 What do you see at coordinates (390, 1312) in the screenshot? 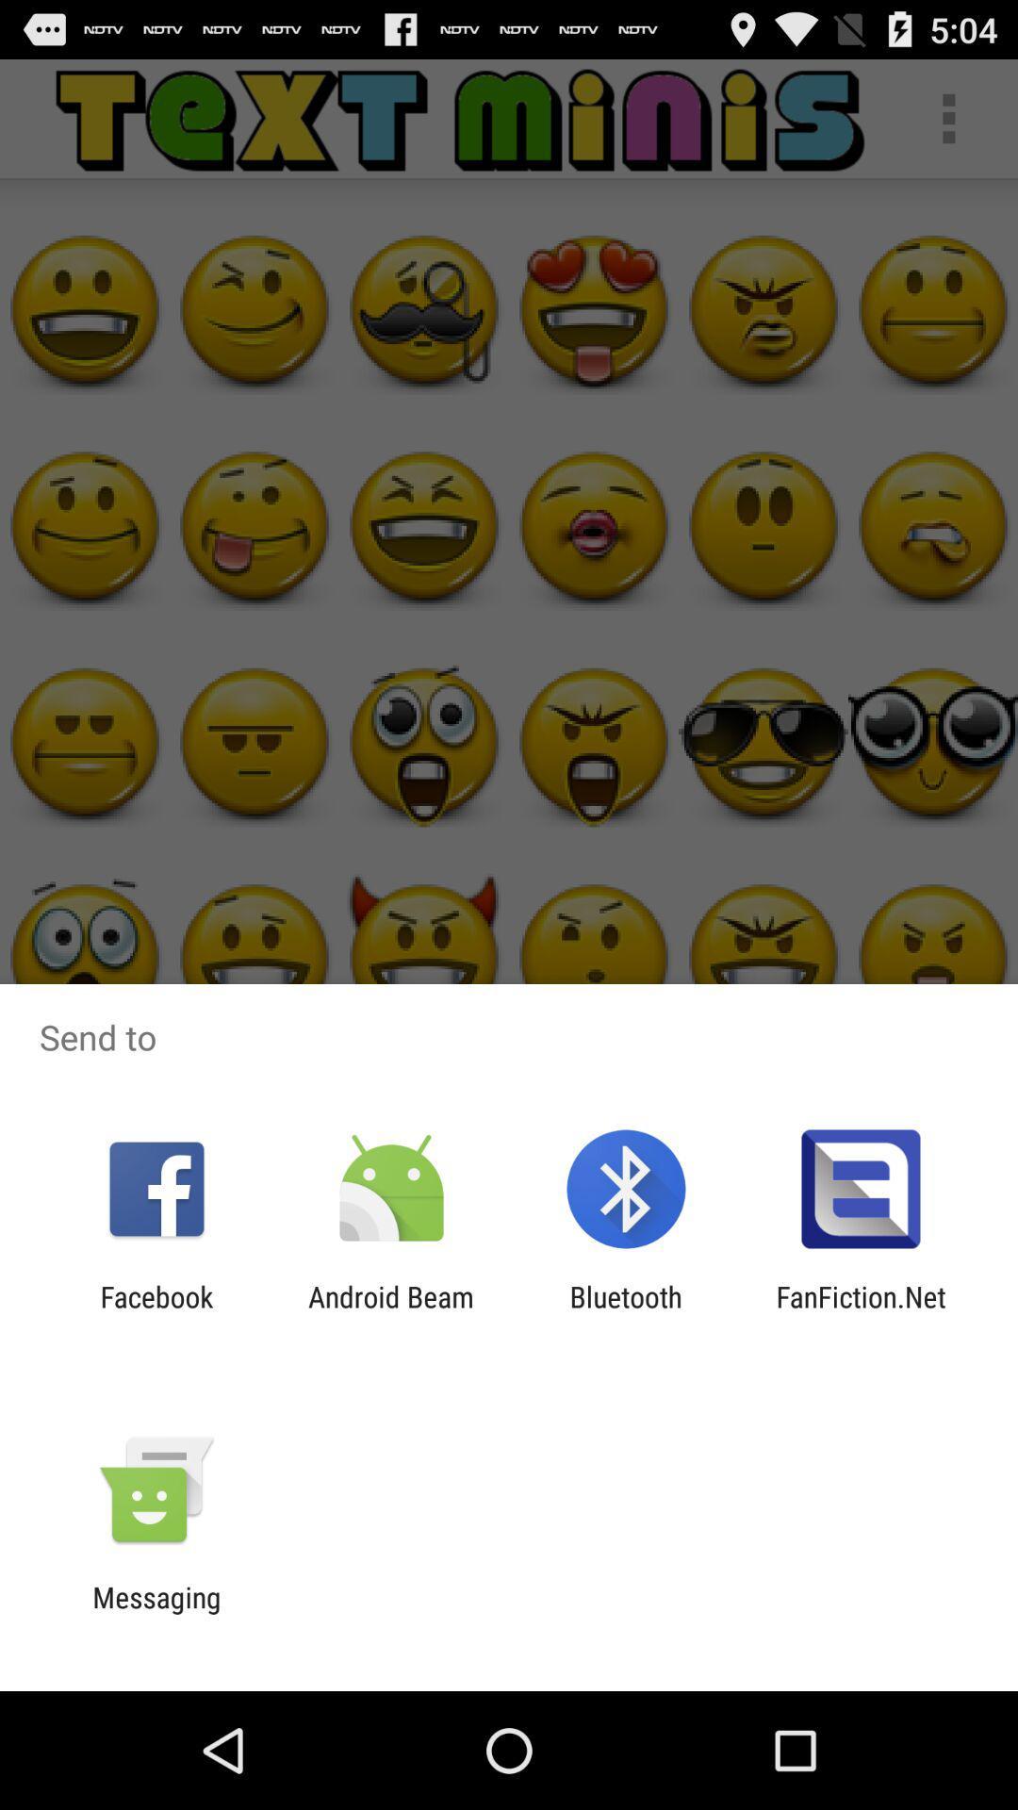
I see `the android beam app` at bounding box center [390, 1312].